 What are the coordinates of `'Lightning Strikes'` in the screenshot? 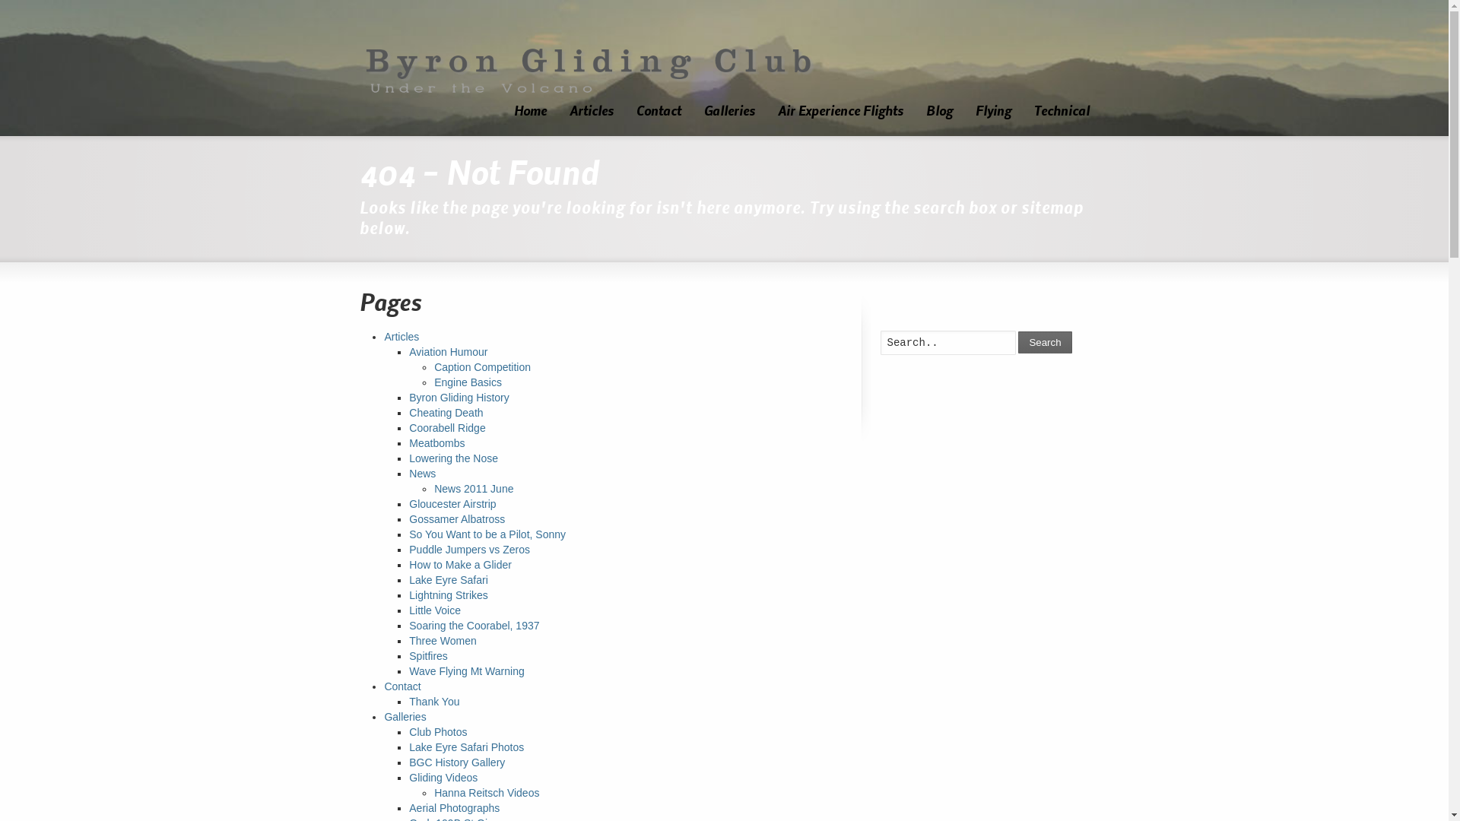 It's located at (448, 594).